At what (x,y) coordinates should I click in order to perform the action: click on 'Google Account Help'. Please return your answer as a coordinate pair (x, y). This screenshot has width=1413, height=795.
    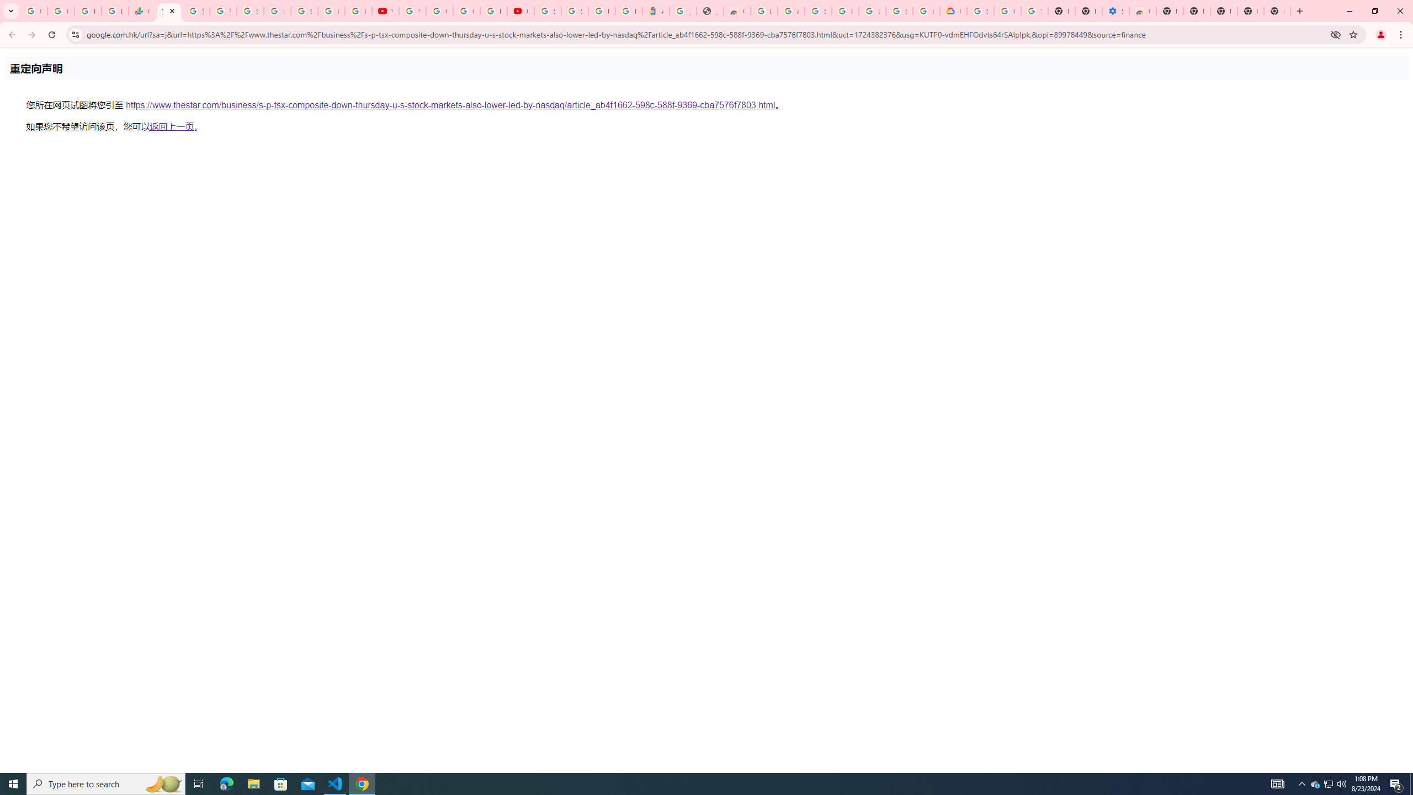
    Looking at the image, I should click on (1007, 10).